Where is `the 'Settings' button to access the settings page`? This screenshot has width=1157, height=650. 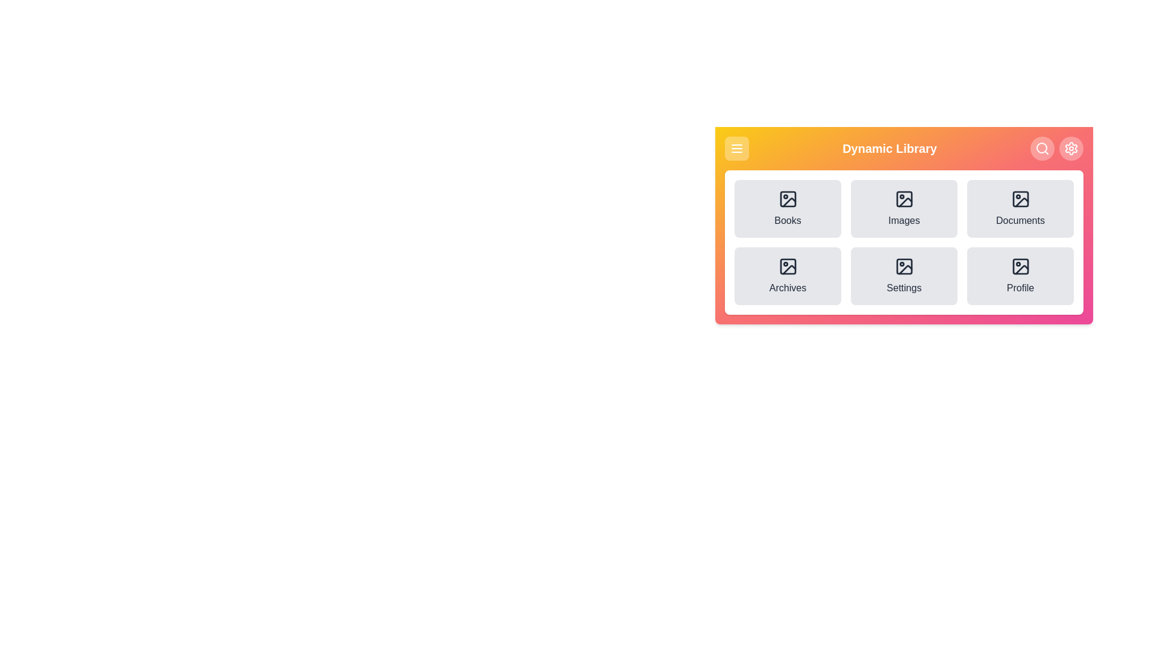 the 'Settings' button to access the settings page is located at coordinates (904, 276).